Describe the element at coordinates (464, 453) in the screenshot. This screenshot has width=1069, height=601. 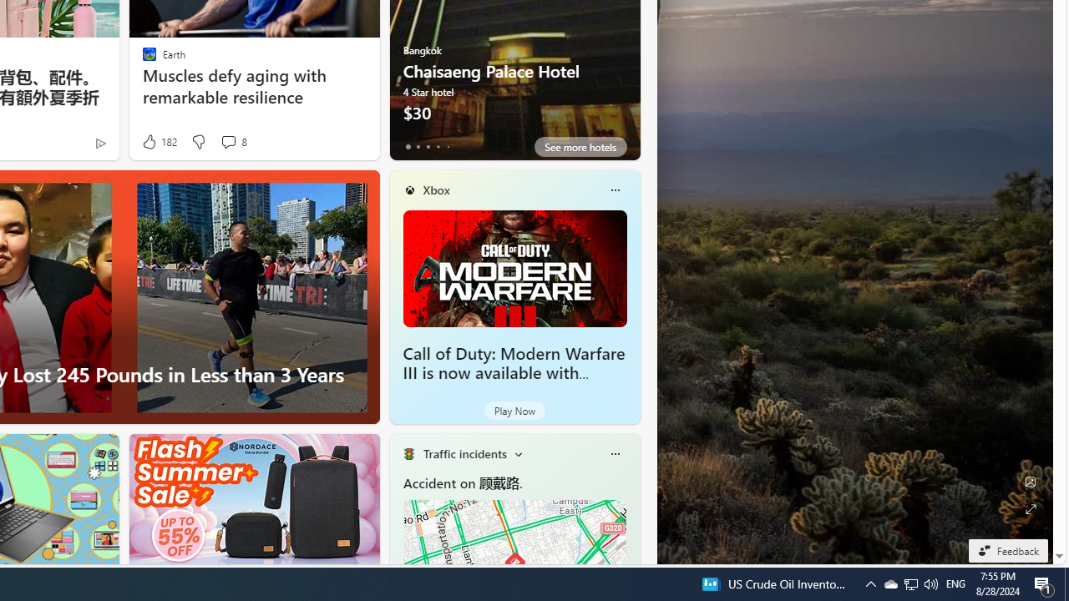
I see `'Traffic incidents'` at that location.